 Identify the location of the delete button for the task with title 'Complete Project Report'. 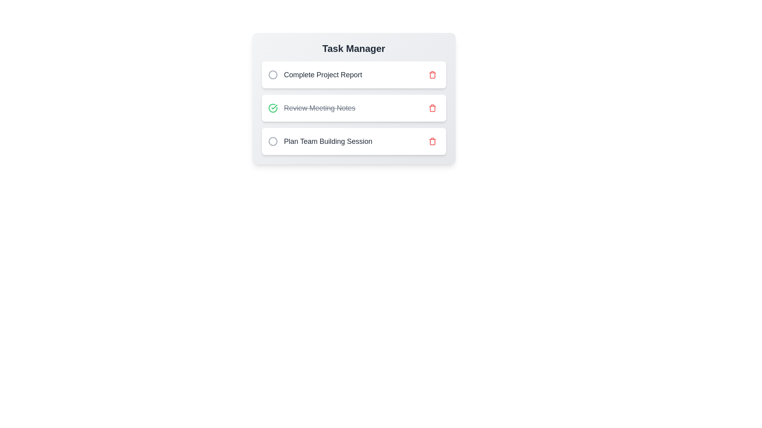
(432, 75).